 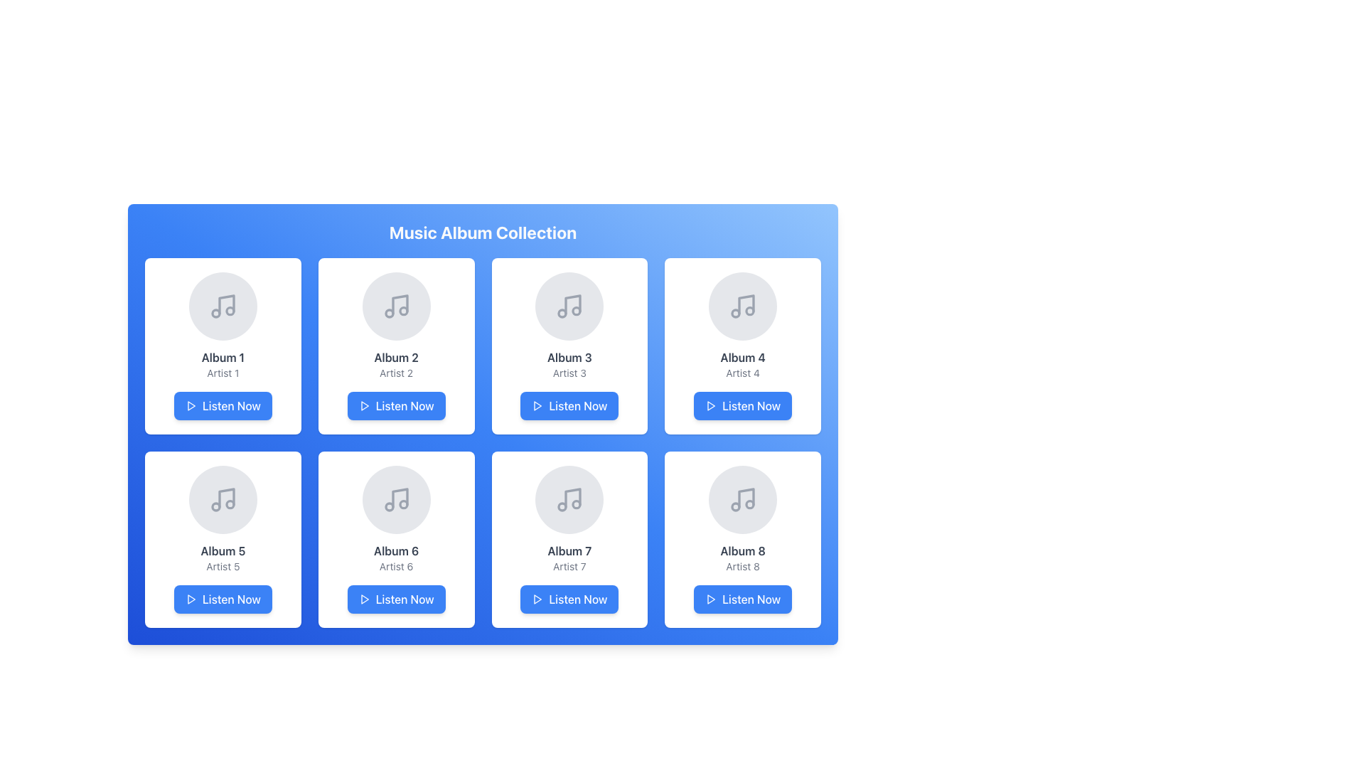 What do you see at coordinates (225, 304) in the screenshot?
I see `music icon represented by a vertical line segment connected to a small circle base in the Album 1 entry located at the top-left corner of the grid layout` at bounding box center [225, 304].